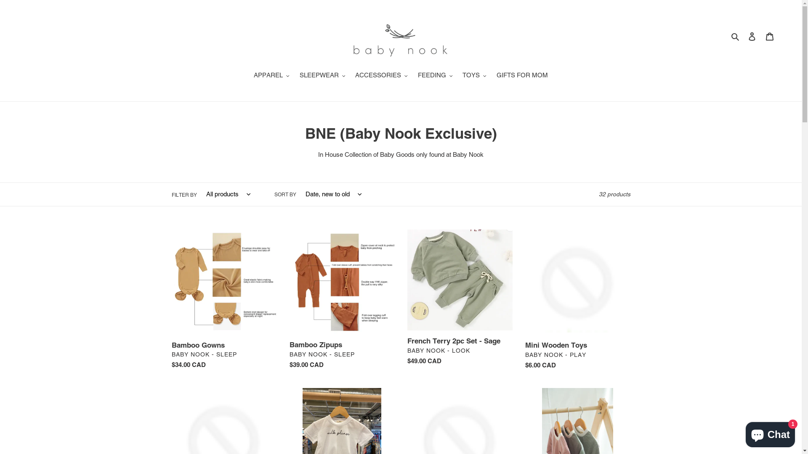 This screenshot has width=808, height=454. I want to click on 'Log in', so click(752, 36).